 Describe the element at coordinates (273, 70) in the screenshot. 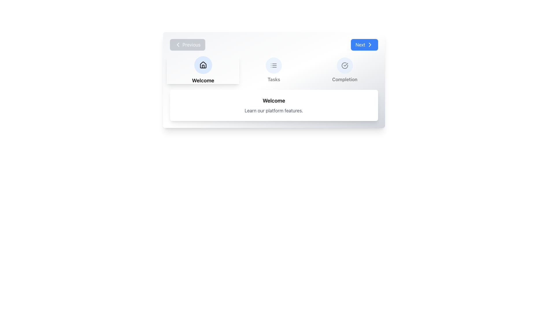

I see `the 'Tasks' navigation tile, the second item in a row of three` at that location.